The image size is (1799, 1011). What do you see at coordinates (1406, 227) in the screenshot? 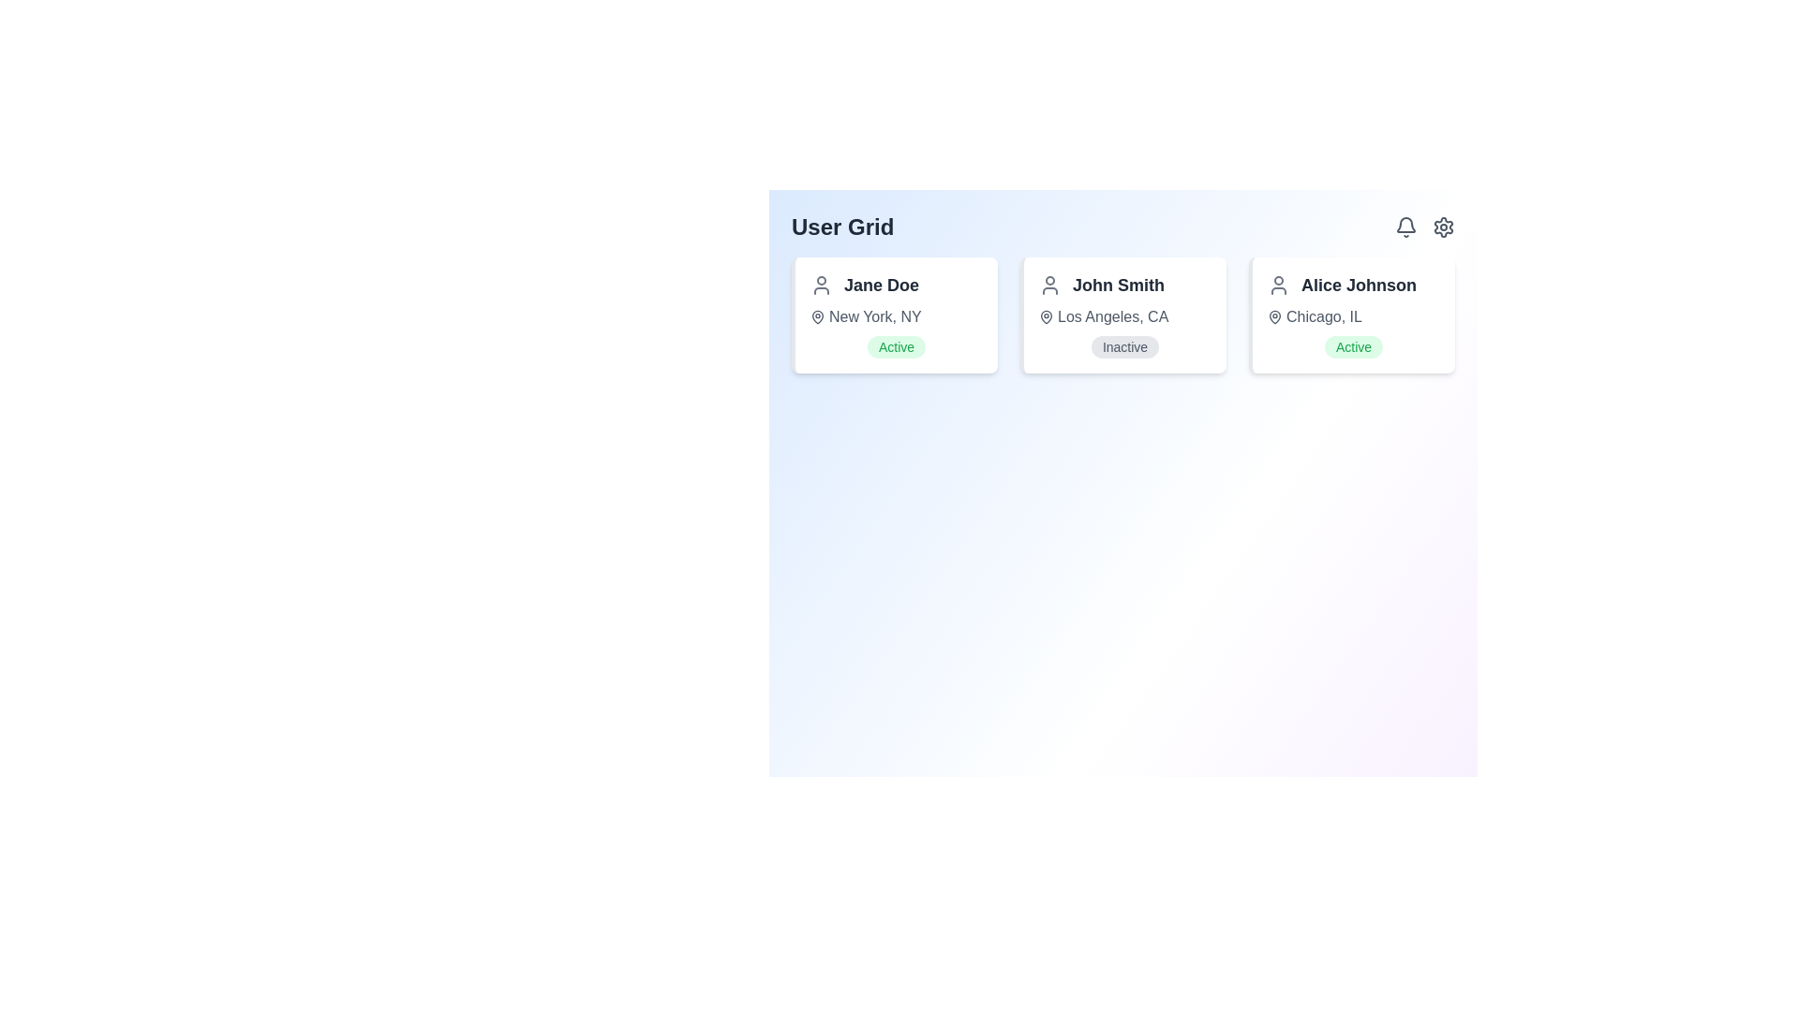
I see `the bell icon located in the top-right corner of the application` at bounding box center [1406, 227].